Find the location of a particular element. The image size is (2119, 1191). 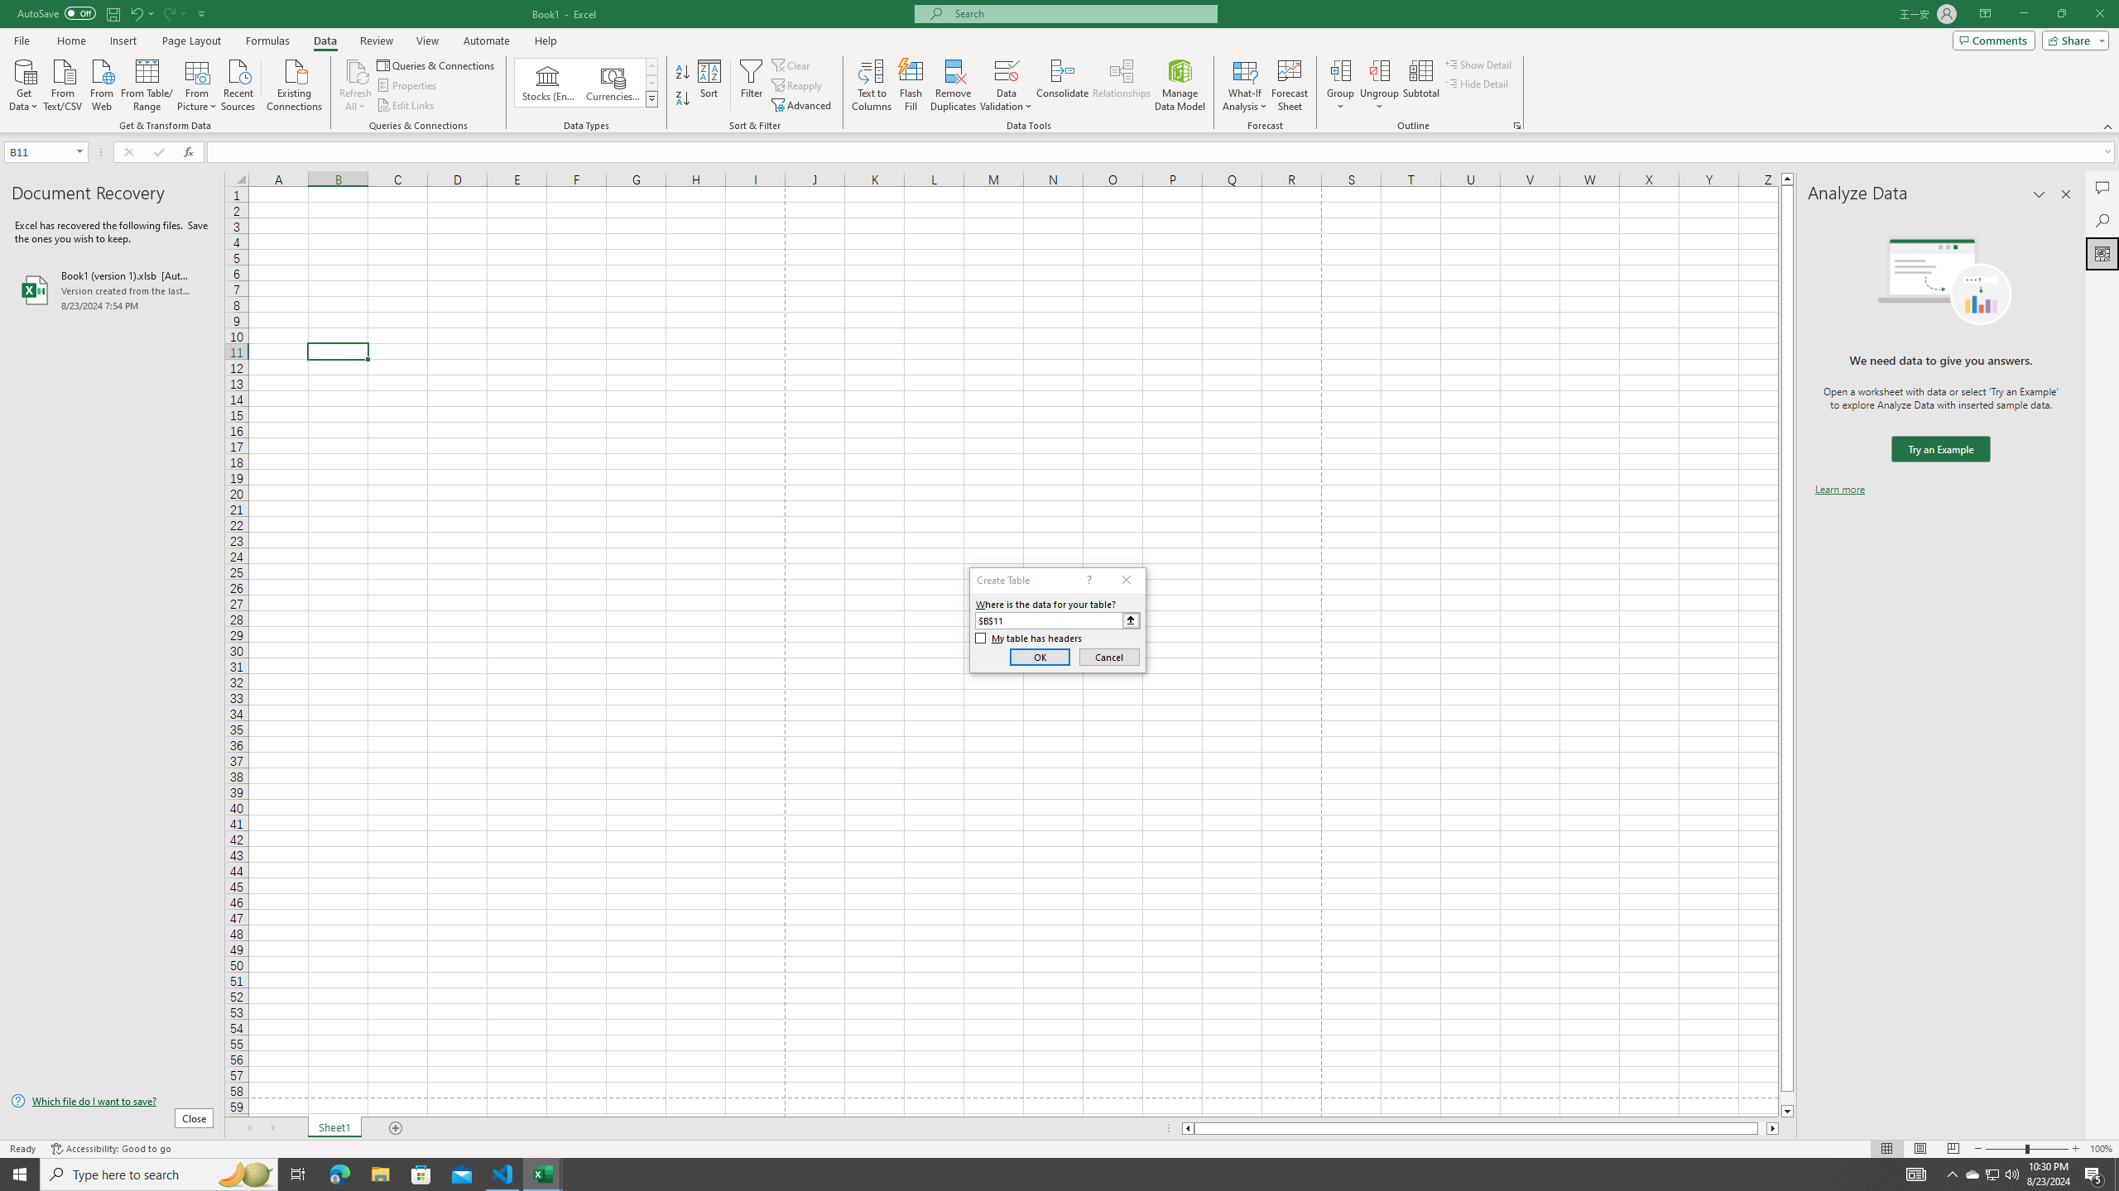

'Stocks (English)' is located at coordinates (546, 82).